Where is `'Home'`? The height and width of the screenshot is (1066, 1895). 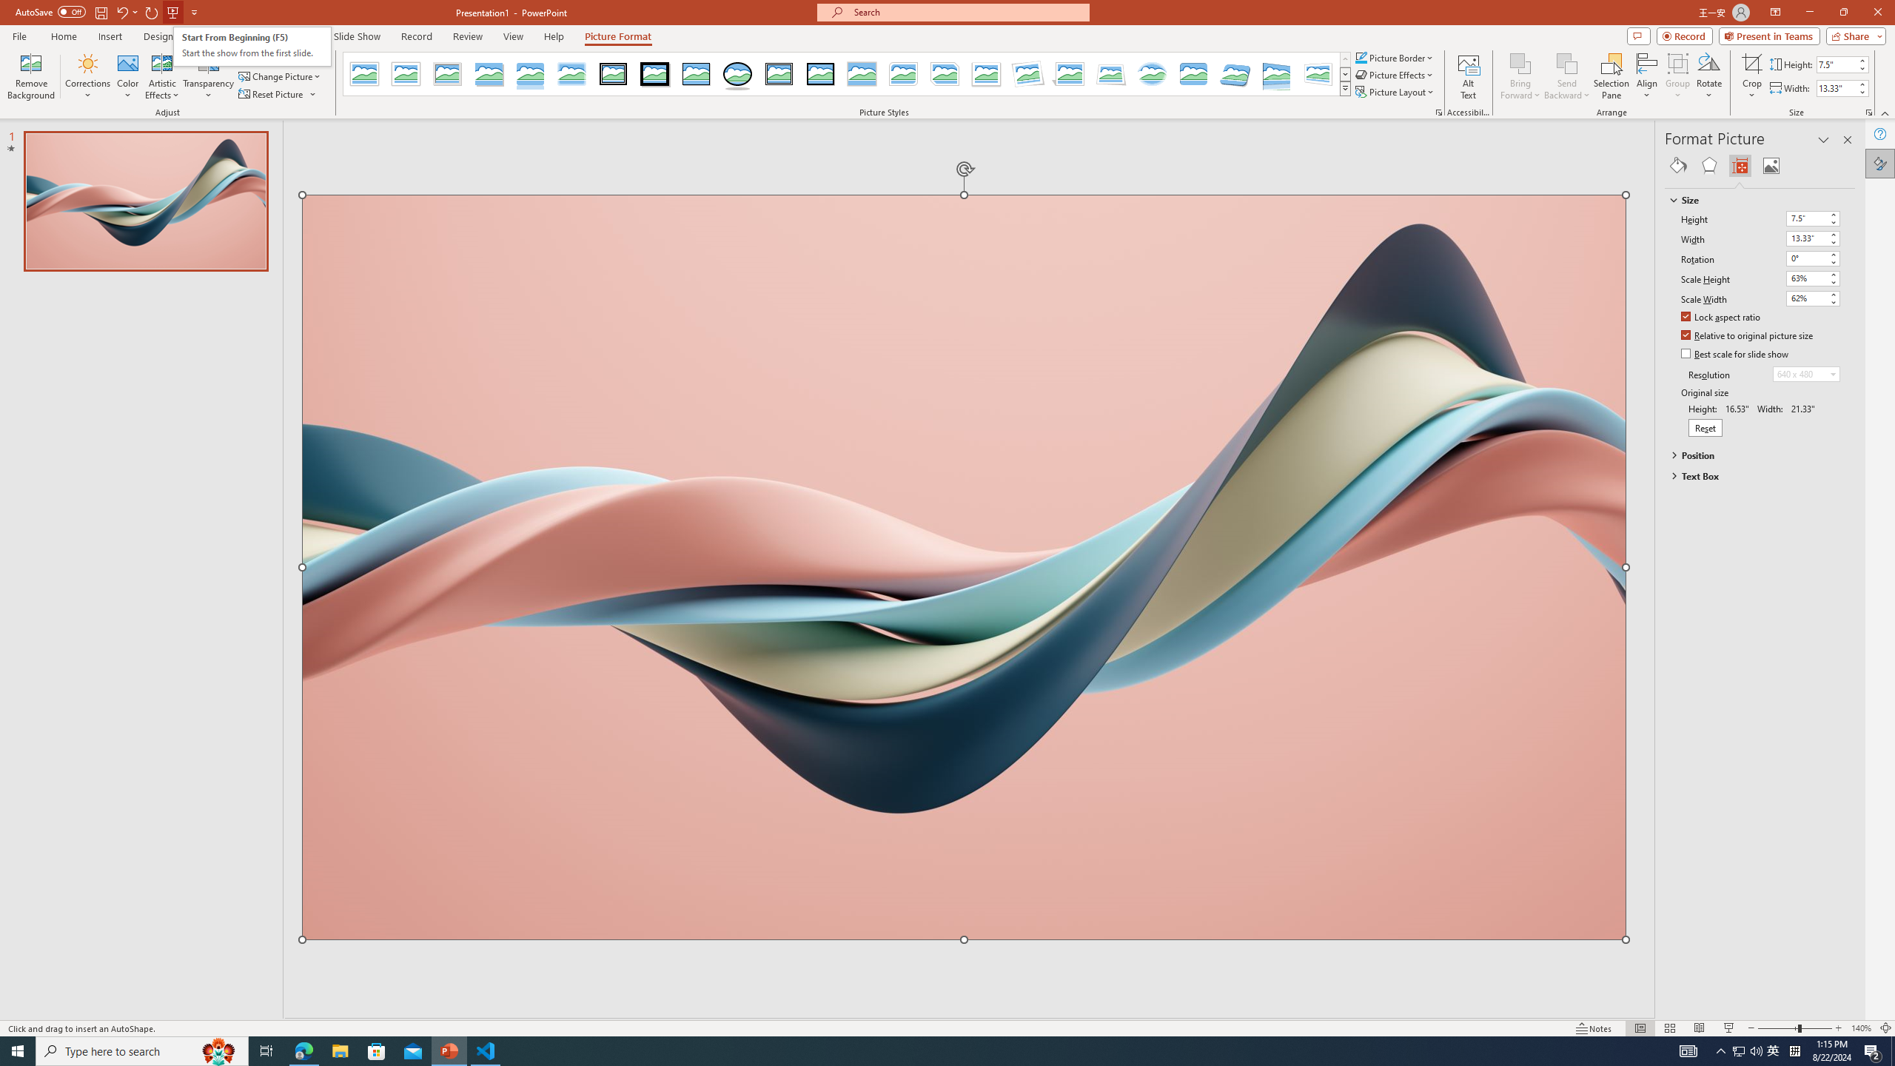 'Home' is located at coordinates (63, 36).